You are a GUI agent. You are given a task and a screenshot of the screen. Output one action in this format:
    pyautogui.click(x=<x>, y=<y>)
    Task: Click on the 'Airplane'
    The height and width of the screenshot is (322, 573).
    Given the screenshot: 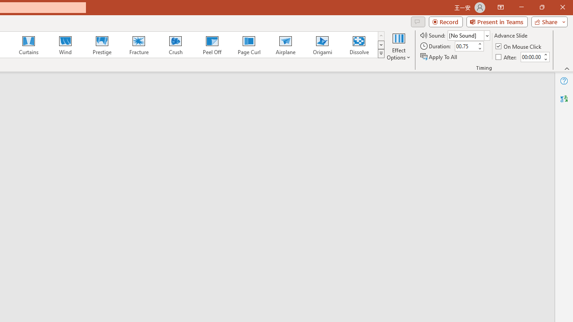 What is the action you would take?
    pyautogui.click(x=285, y=45)
    